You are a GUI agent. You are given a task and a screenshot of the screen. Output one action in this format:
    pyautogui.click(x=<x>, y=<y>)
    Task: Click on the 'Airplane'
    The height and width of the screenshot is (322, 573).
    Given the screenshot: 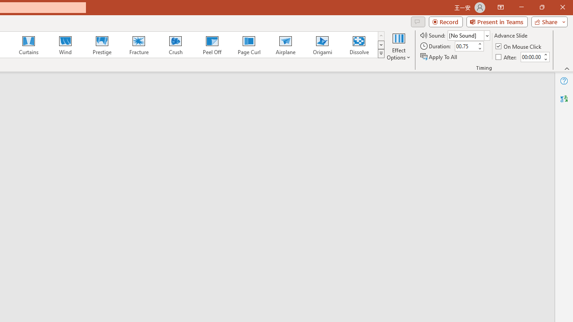 What is the action you would take?
    pyautogui.click(x=285, y=45)
    